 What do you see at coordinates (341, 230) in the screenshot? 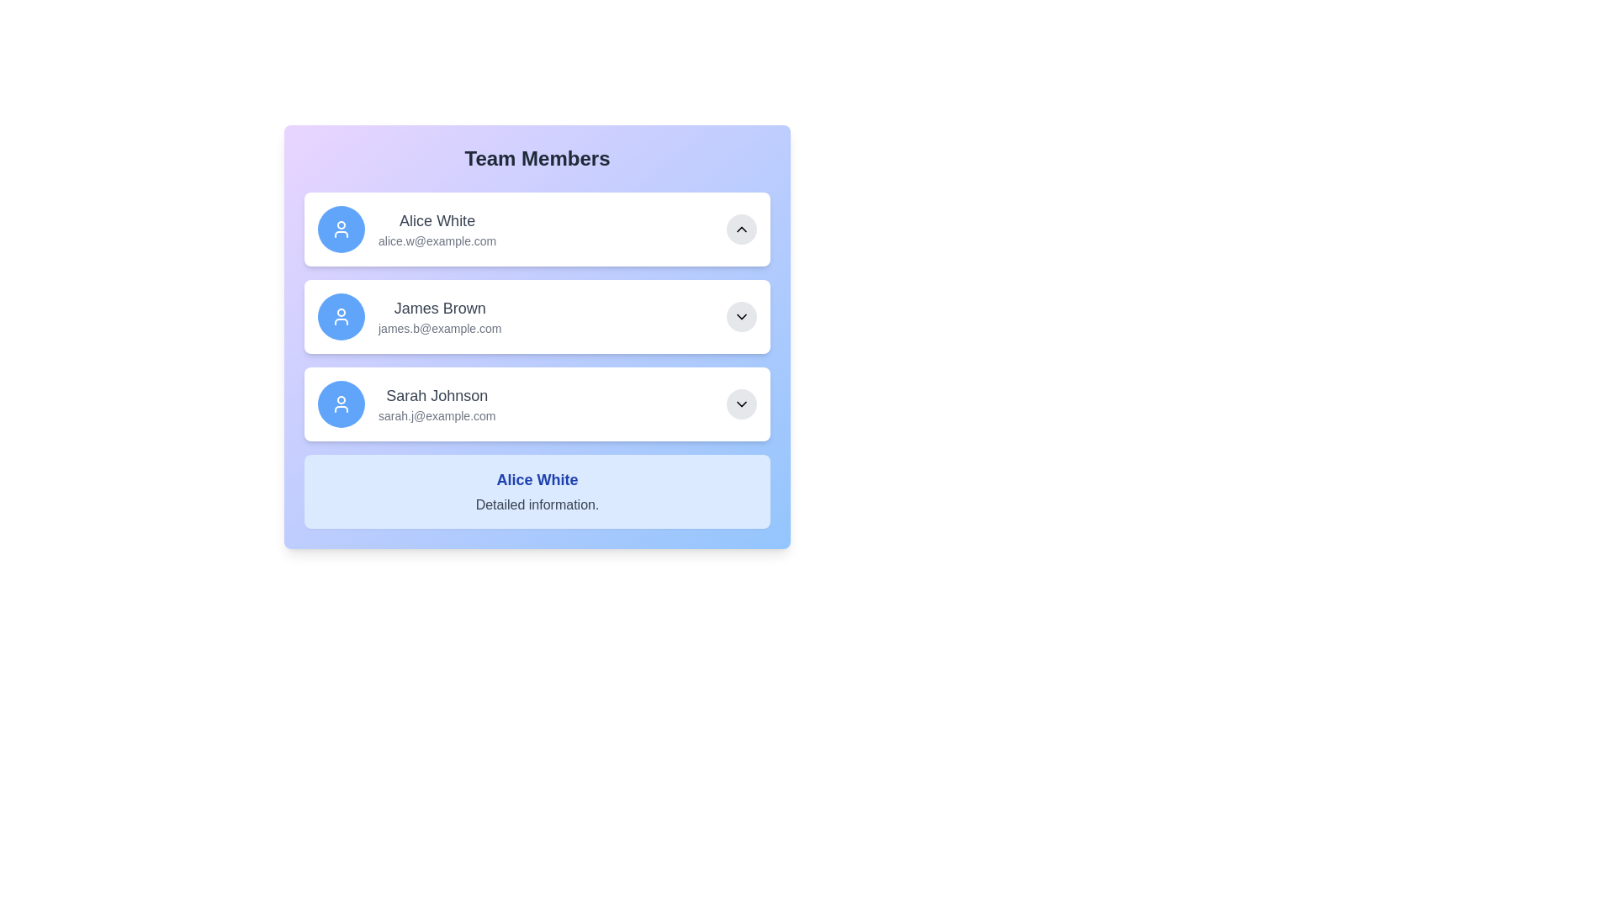
I see `the circular user profile icon with a blue background located at the leftmost part of the first list item in the 'Team Members' section, which aligns with 'Alice White' and 'alice.w@example.com'` at bounding box center [341, 230].